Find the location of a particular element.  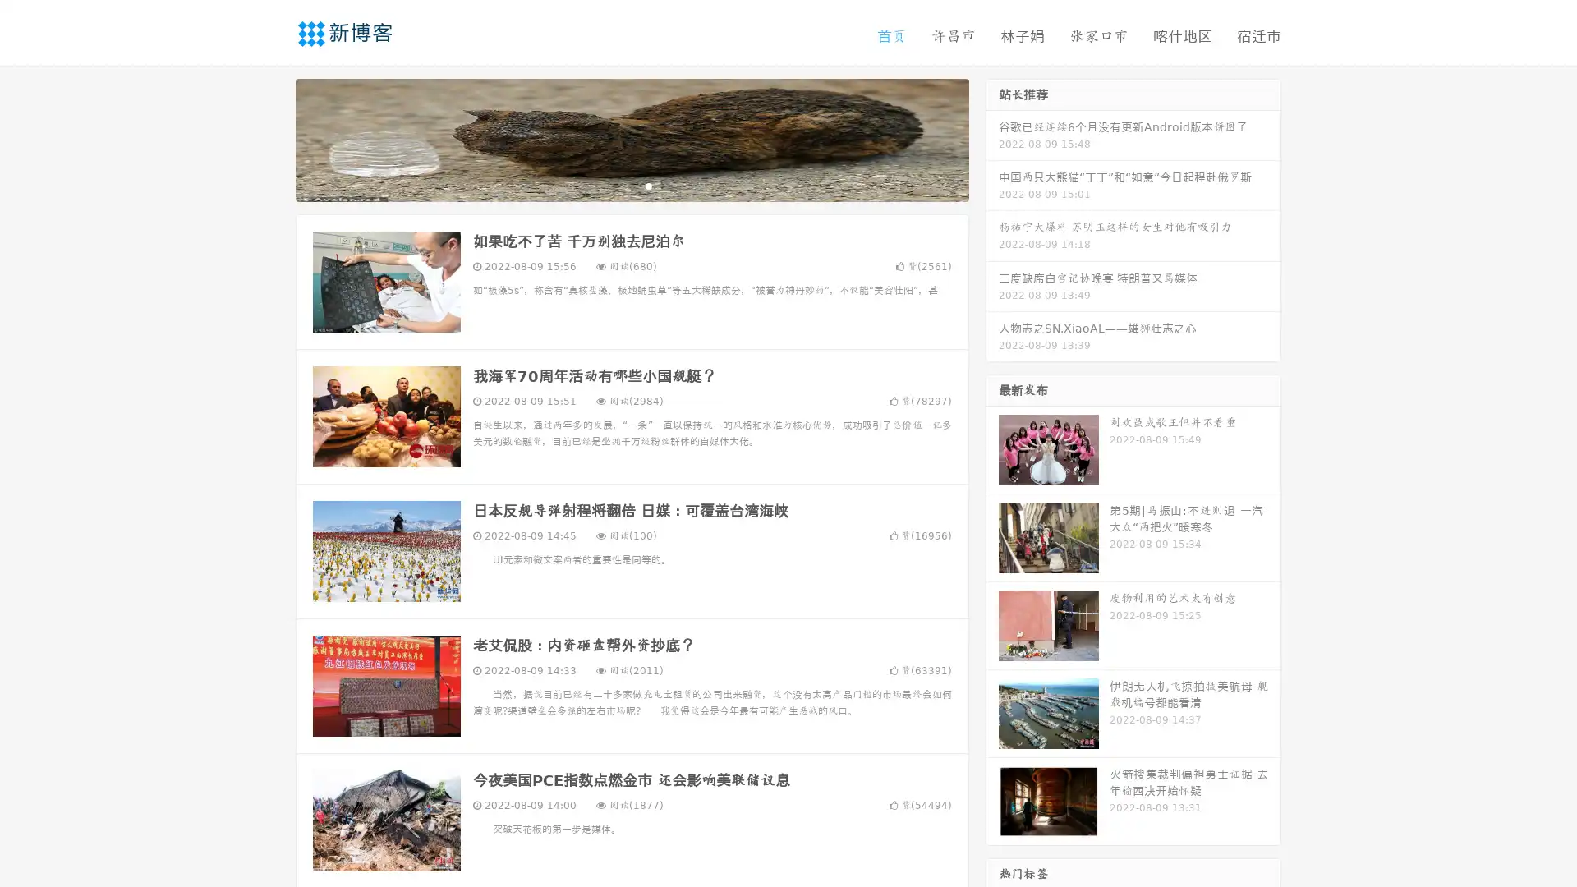

Next slide is located at coordinates (992, 138).